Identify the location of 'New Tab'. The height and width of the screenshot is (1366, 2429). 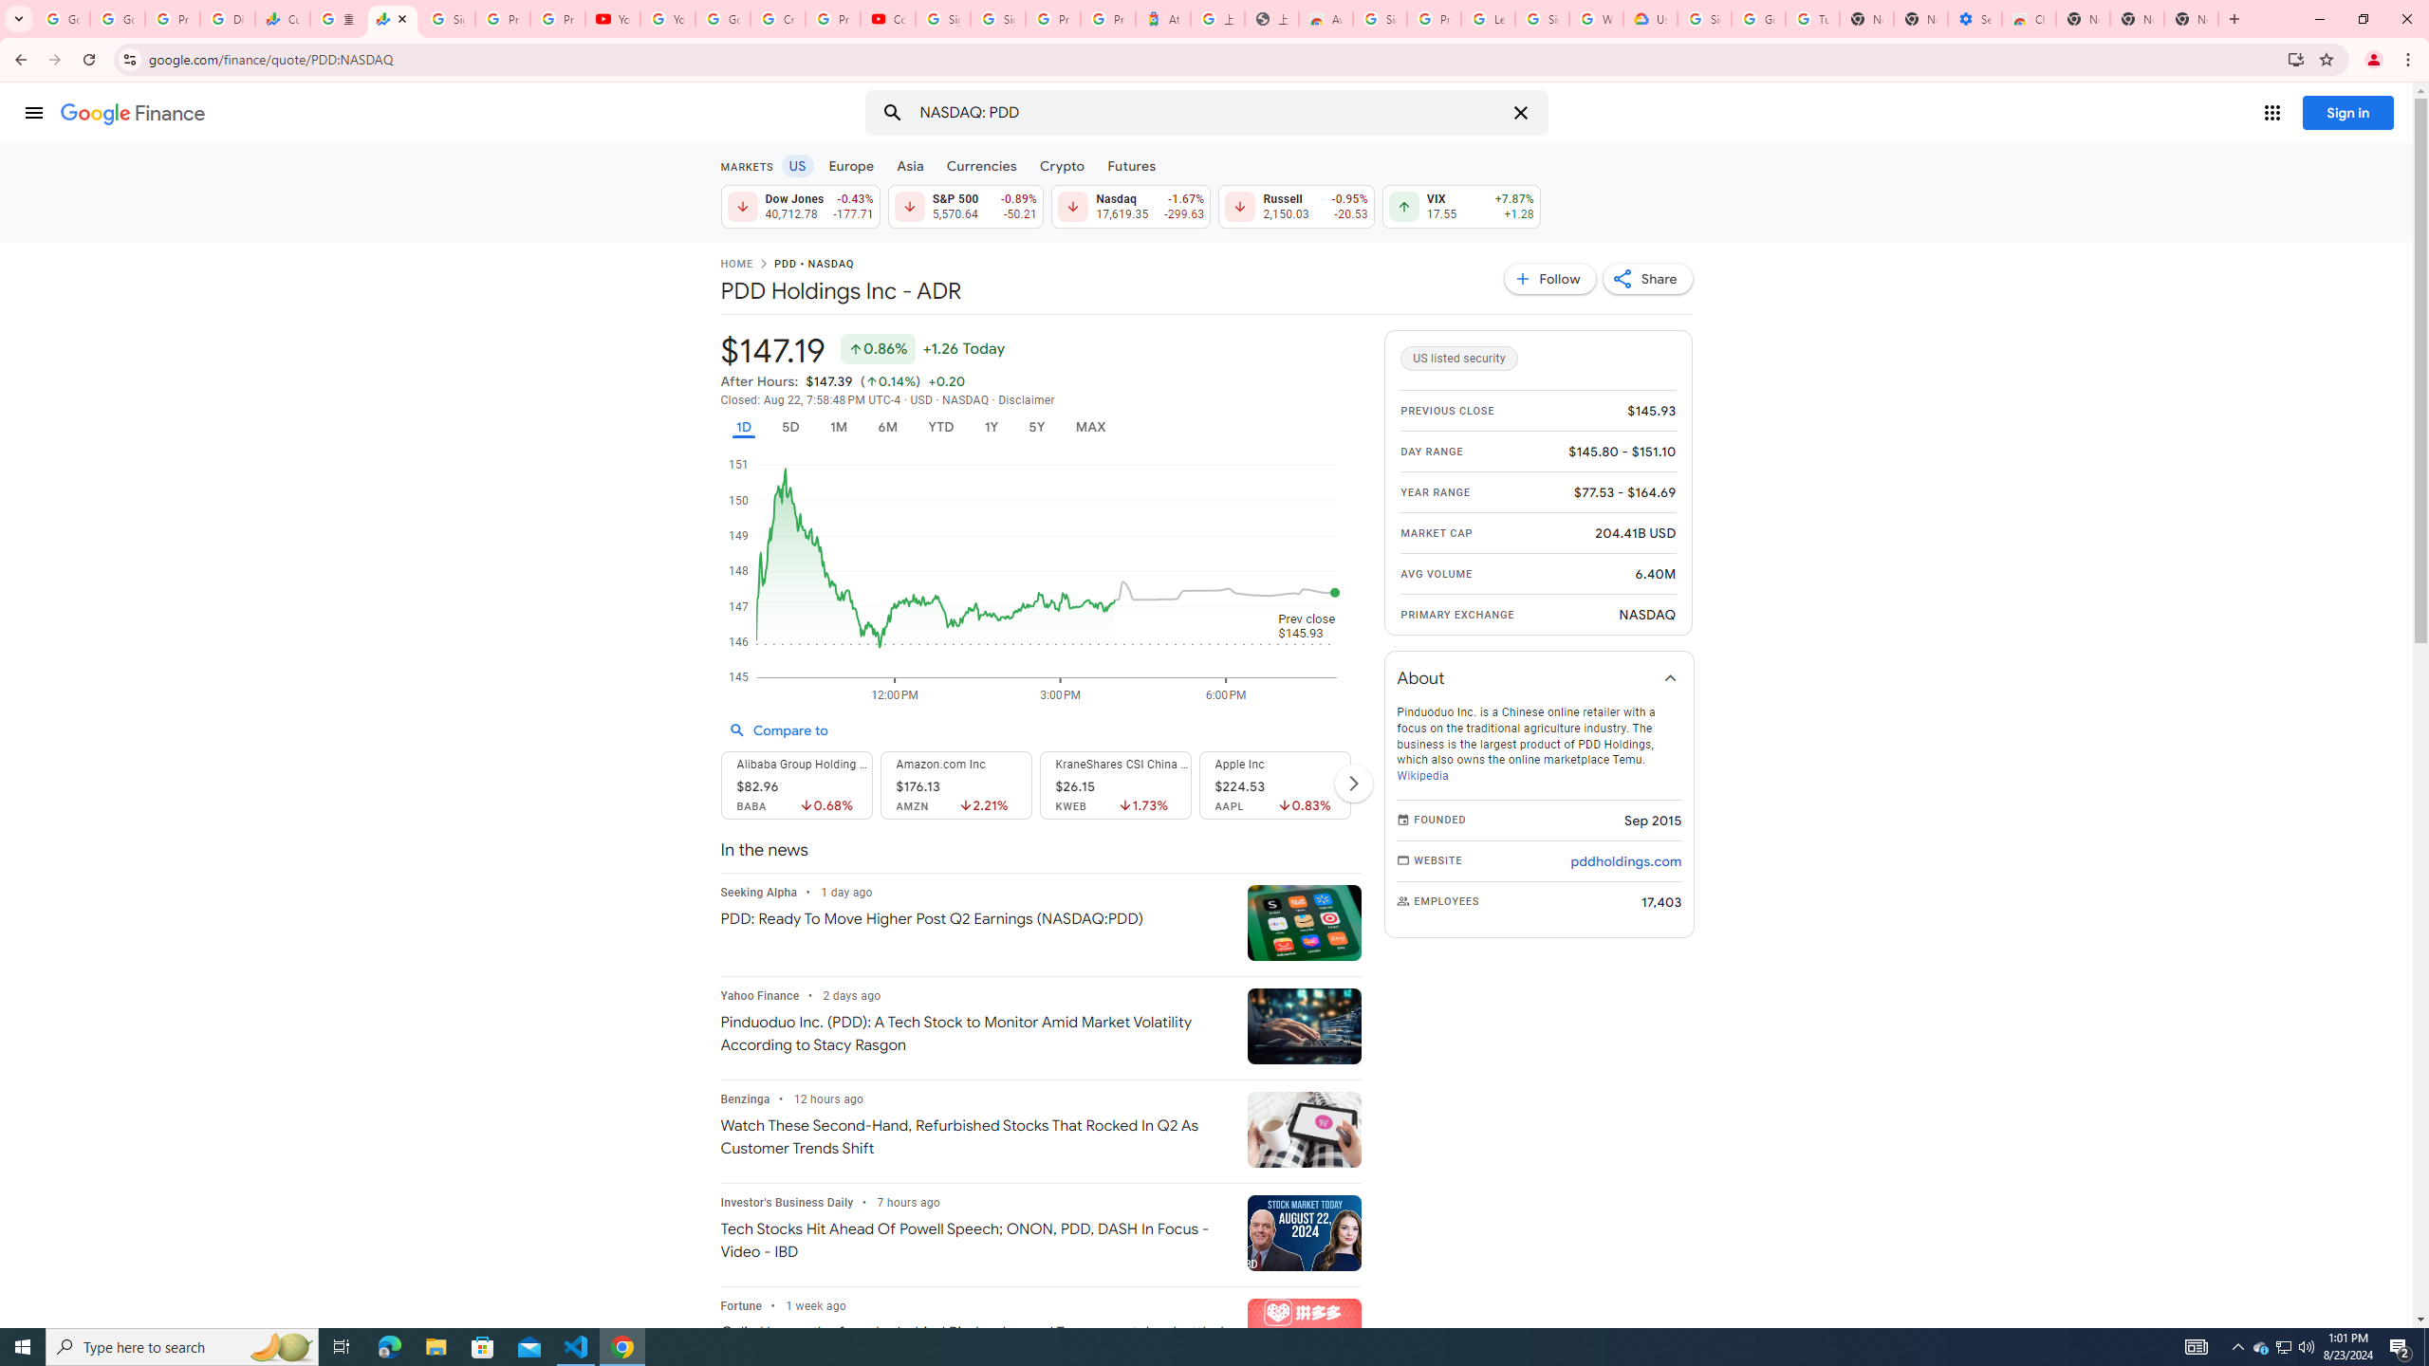
(2192, 18).